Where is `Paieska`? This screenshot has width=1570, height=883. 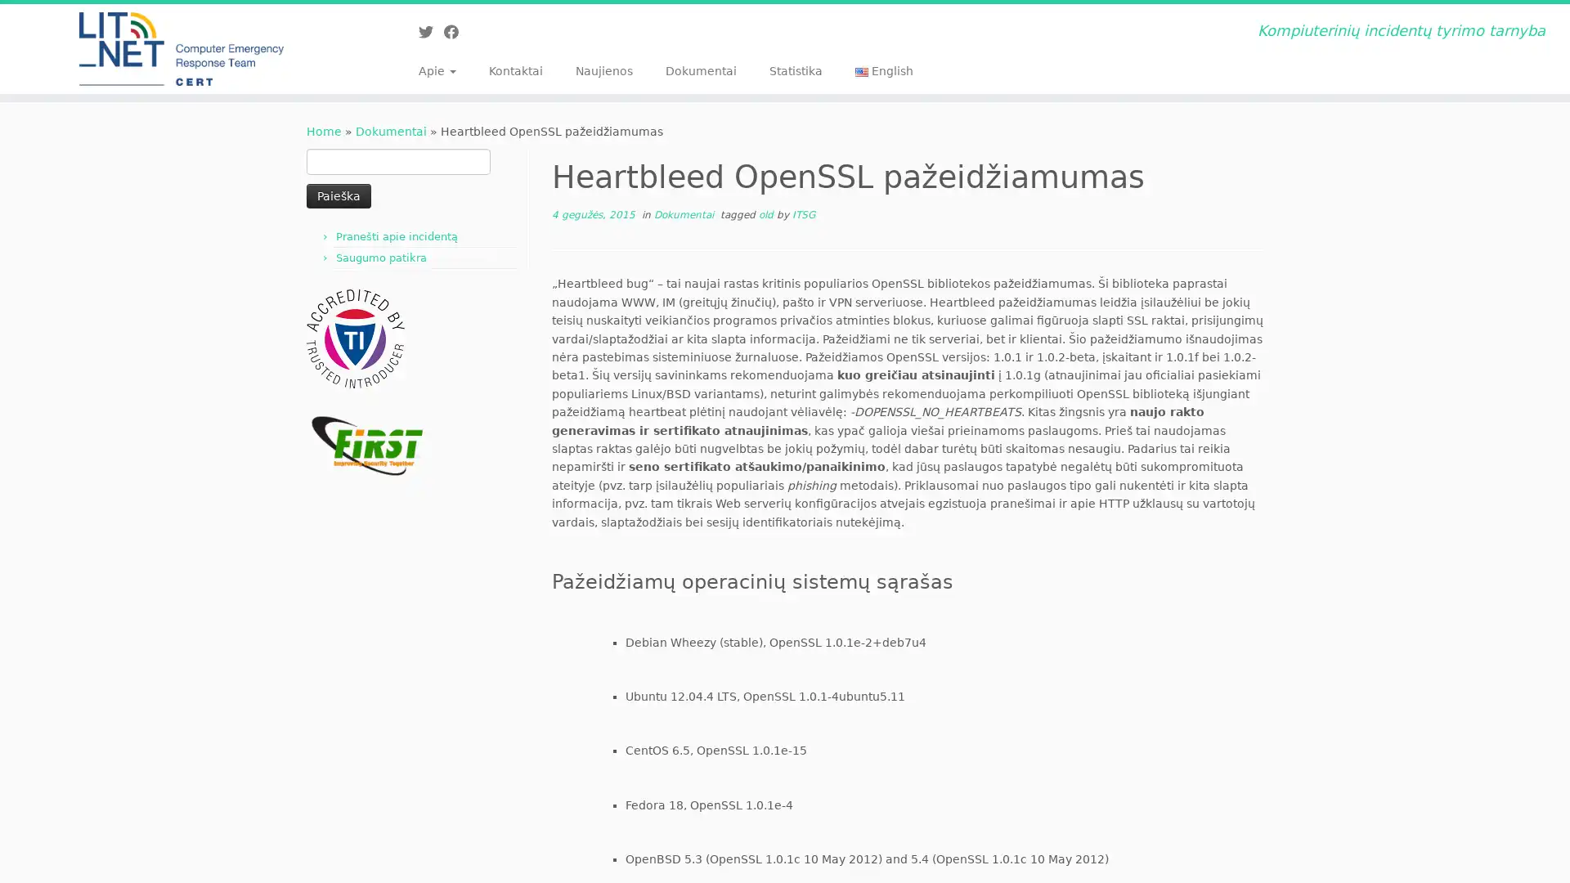 Paieska is located at coordinates (338, 195).